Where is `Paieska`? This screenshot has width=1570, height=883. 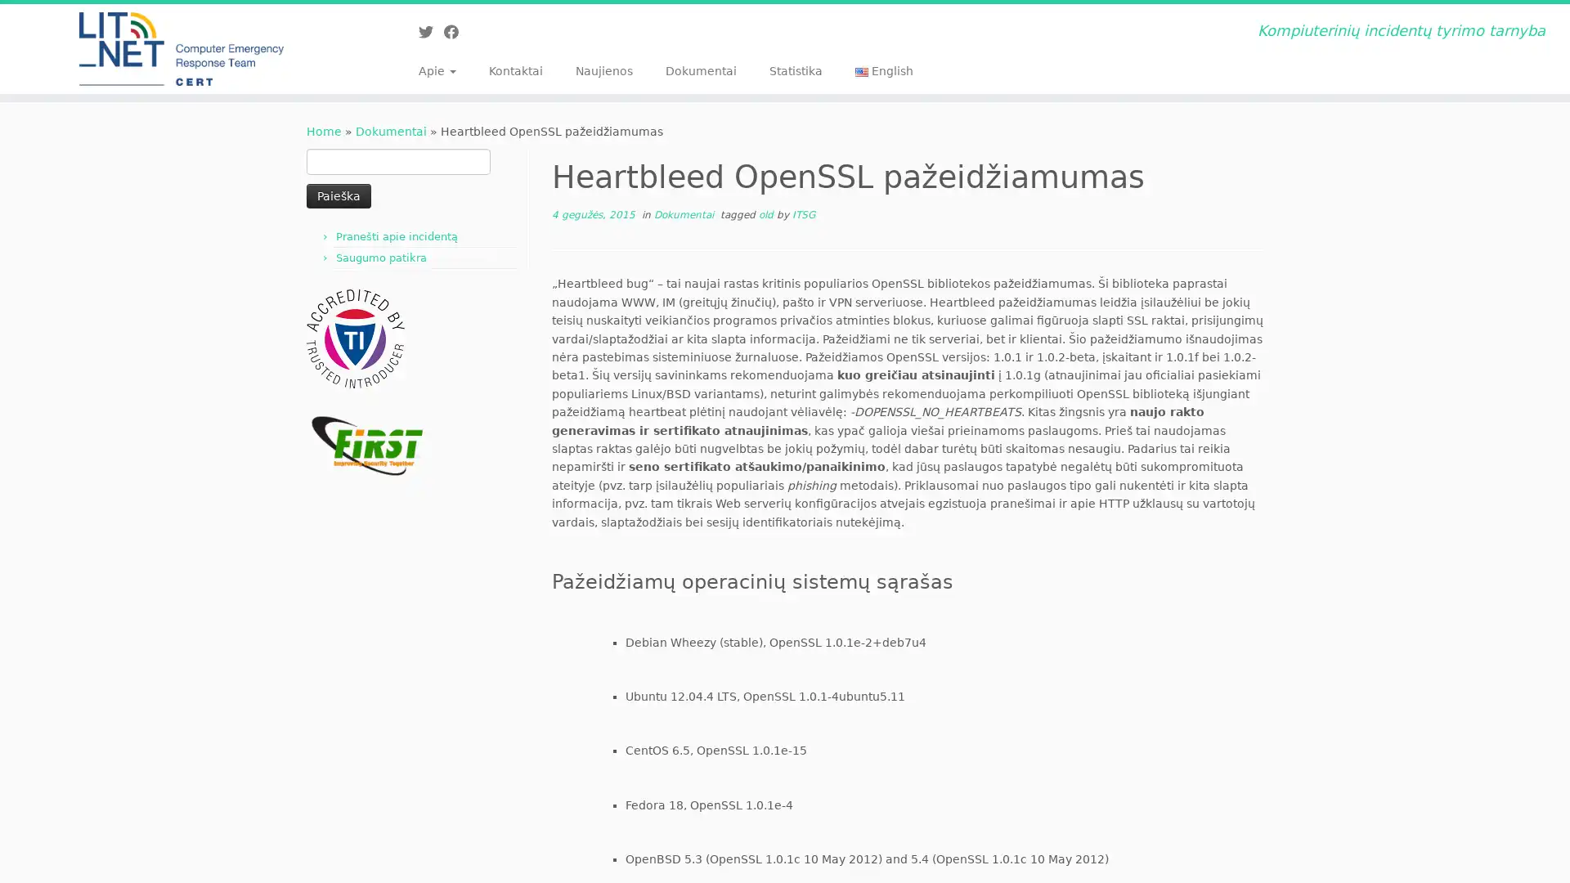 Paieska is located at coordinates (338, 195).